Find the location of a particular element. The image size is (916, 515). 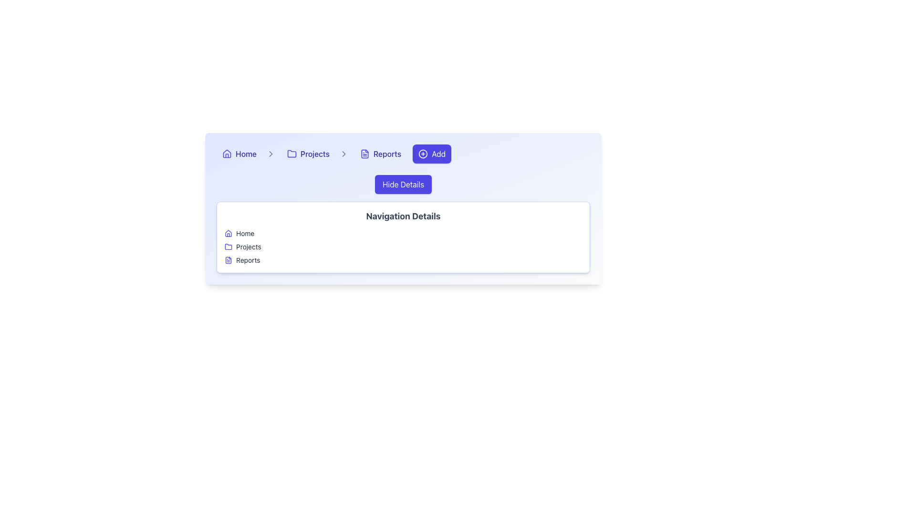

the 'Home' icon in the top left corner of the navigation bar is located at coordinates (226, 153).